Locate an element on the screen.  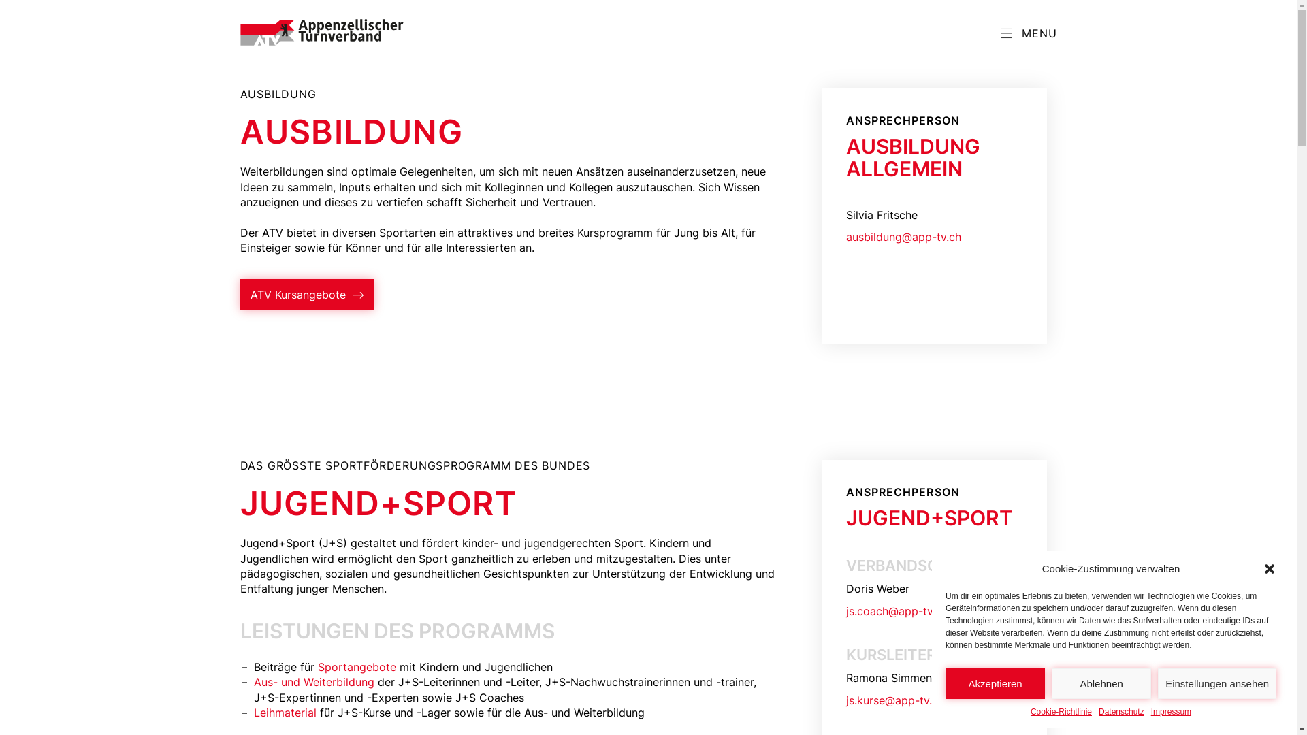
'Aus- und Weiterbildung' is located at coordinates (312, 682).